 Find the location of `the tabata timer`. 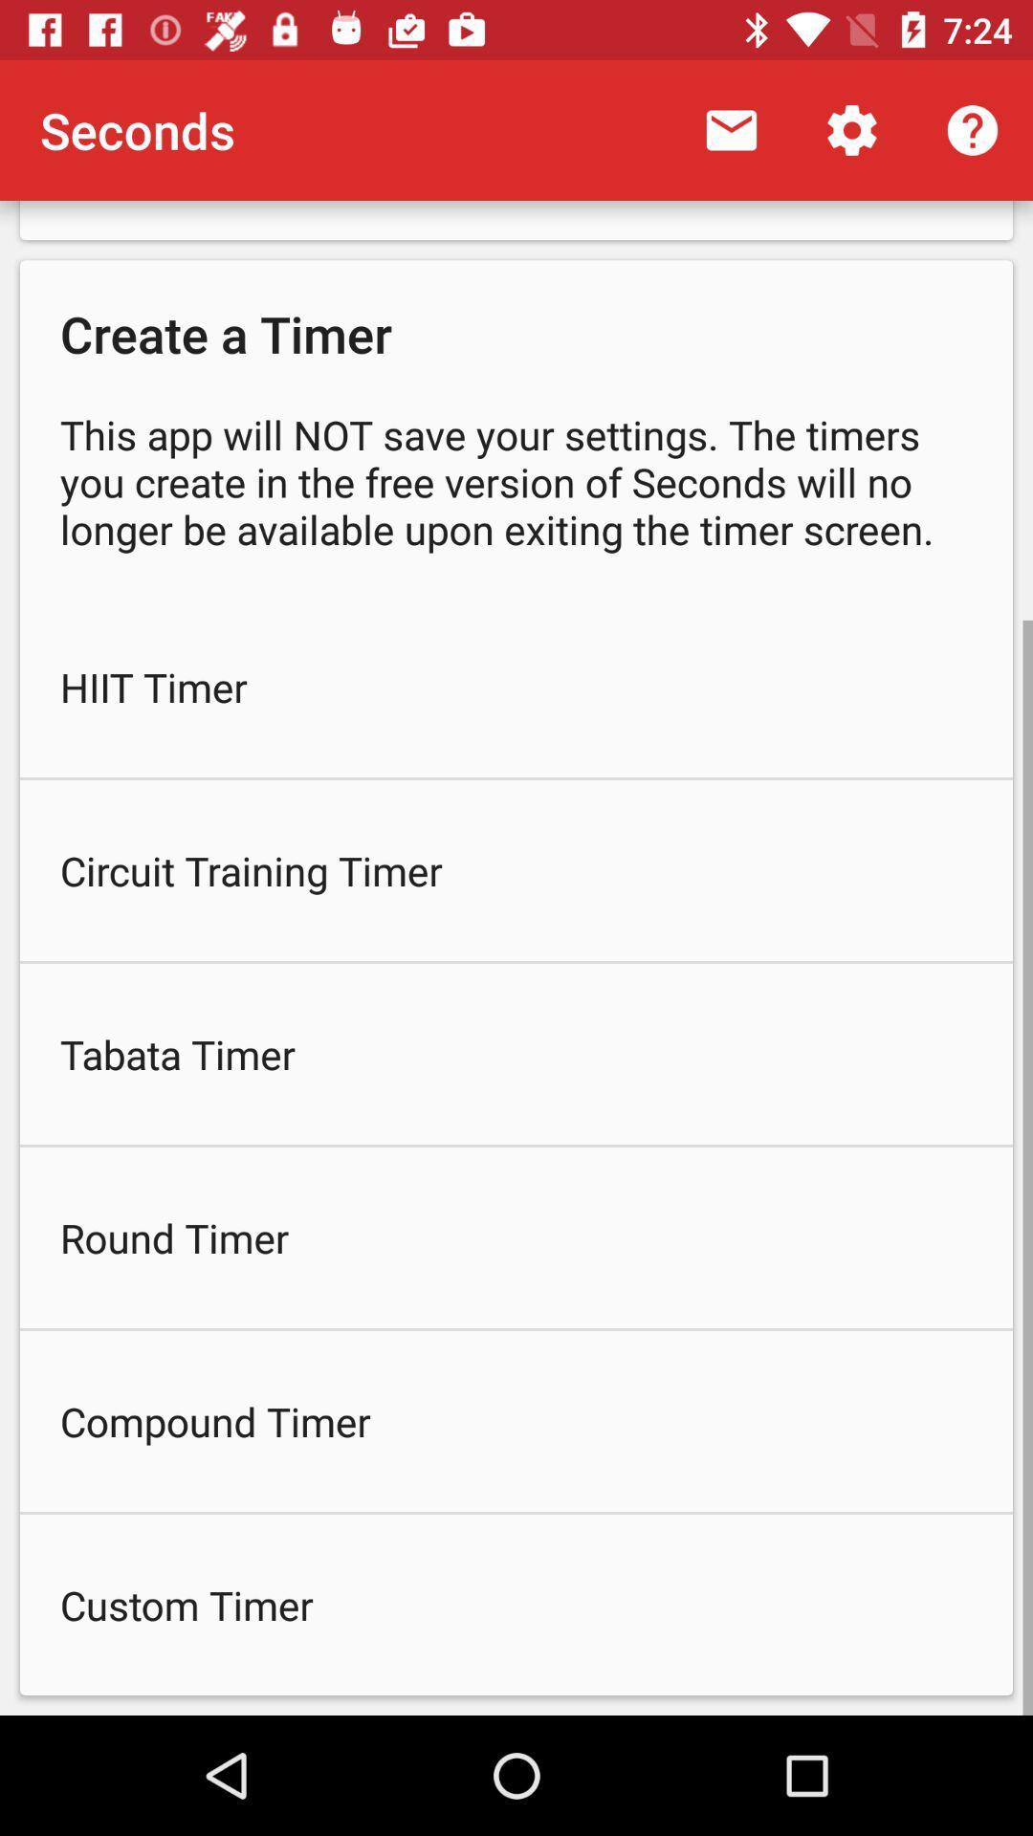

the tabata timer is located at coordinates (516, 1053).